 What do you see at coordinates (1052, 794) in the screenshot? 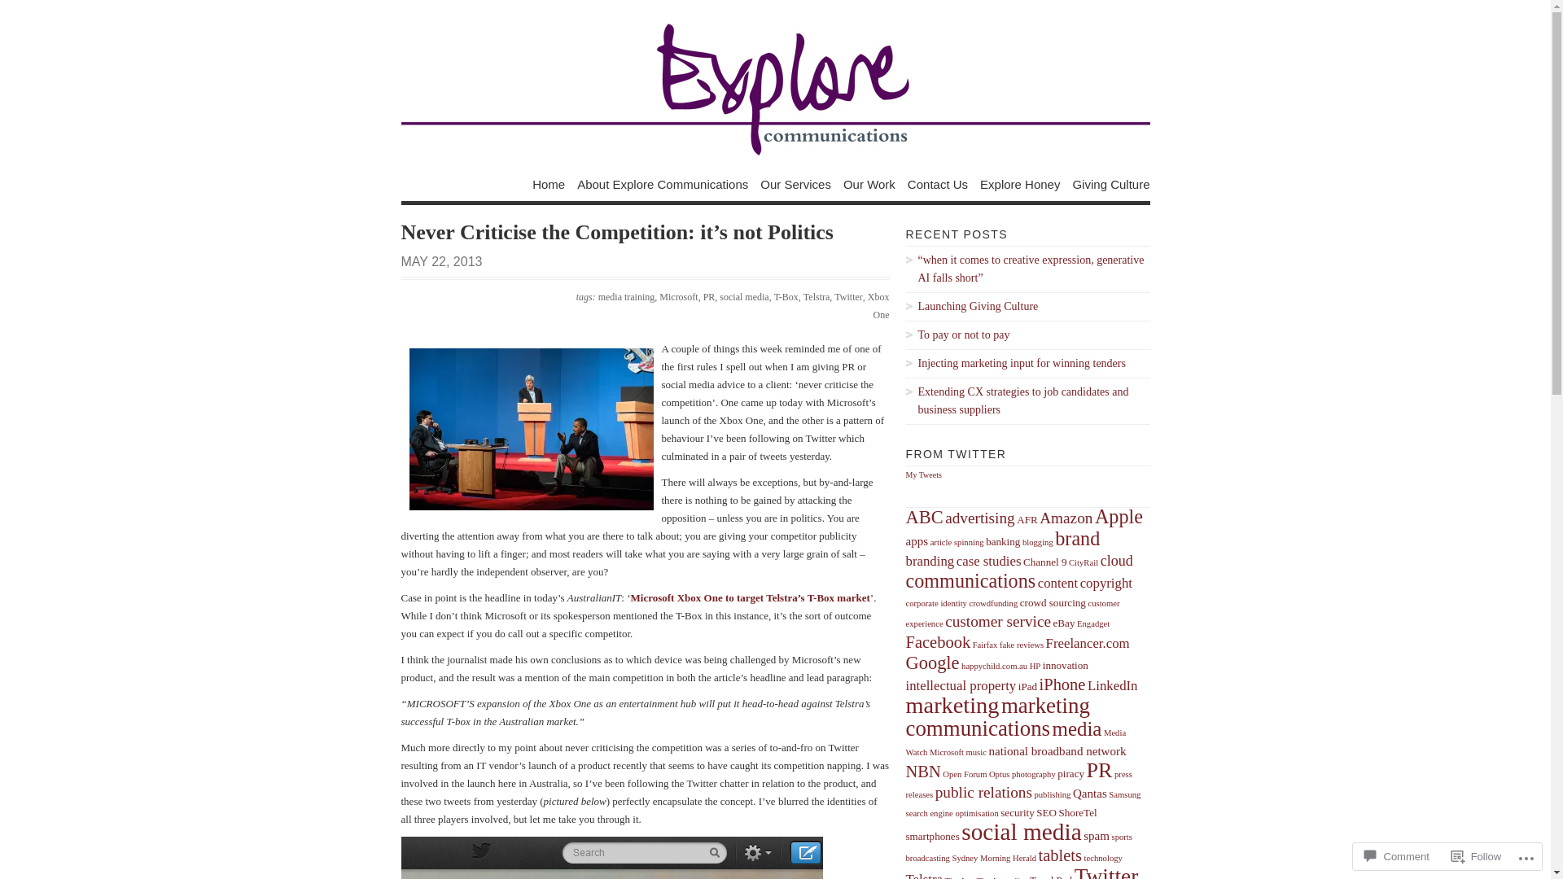
I see `'publishing'` at bounding box center [1052, 794].